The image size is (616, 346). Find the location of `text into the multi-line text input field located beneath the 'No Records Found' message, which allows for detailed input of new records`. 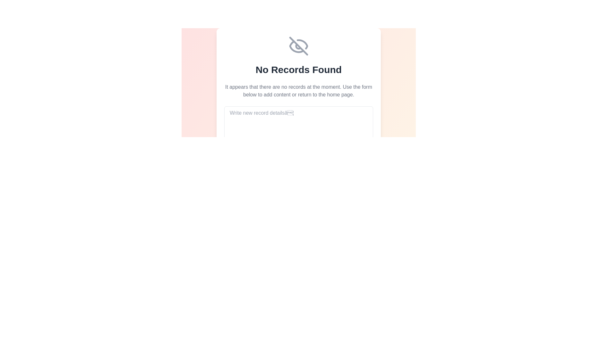

text into the multi-line text input field located beneath the 'No Records Found' message, which allows for detailed input of new records is located at coordinates (298, 127).